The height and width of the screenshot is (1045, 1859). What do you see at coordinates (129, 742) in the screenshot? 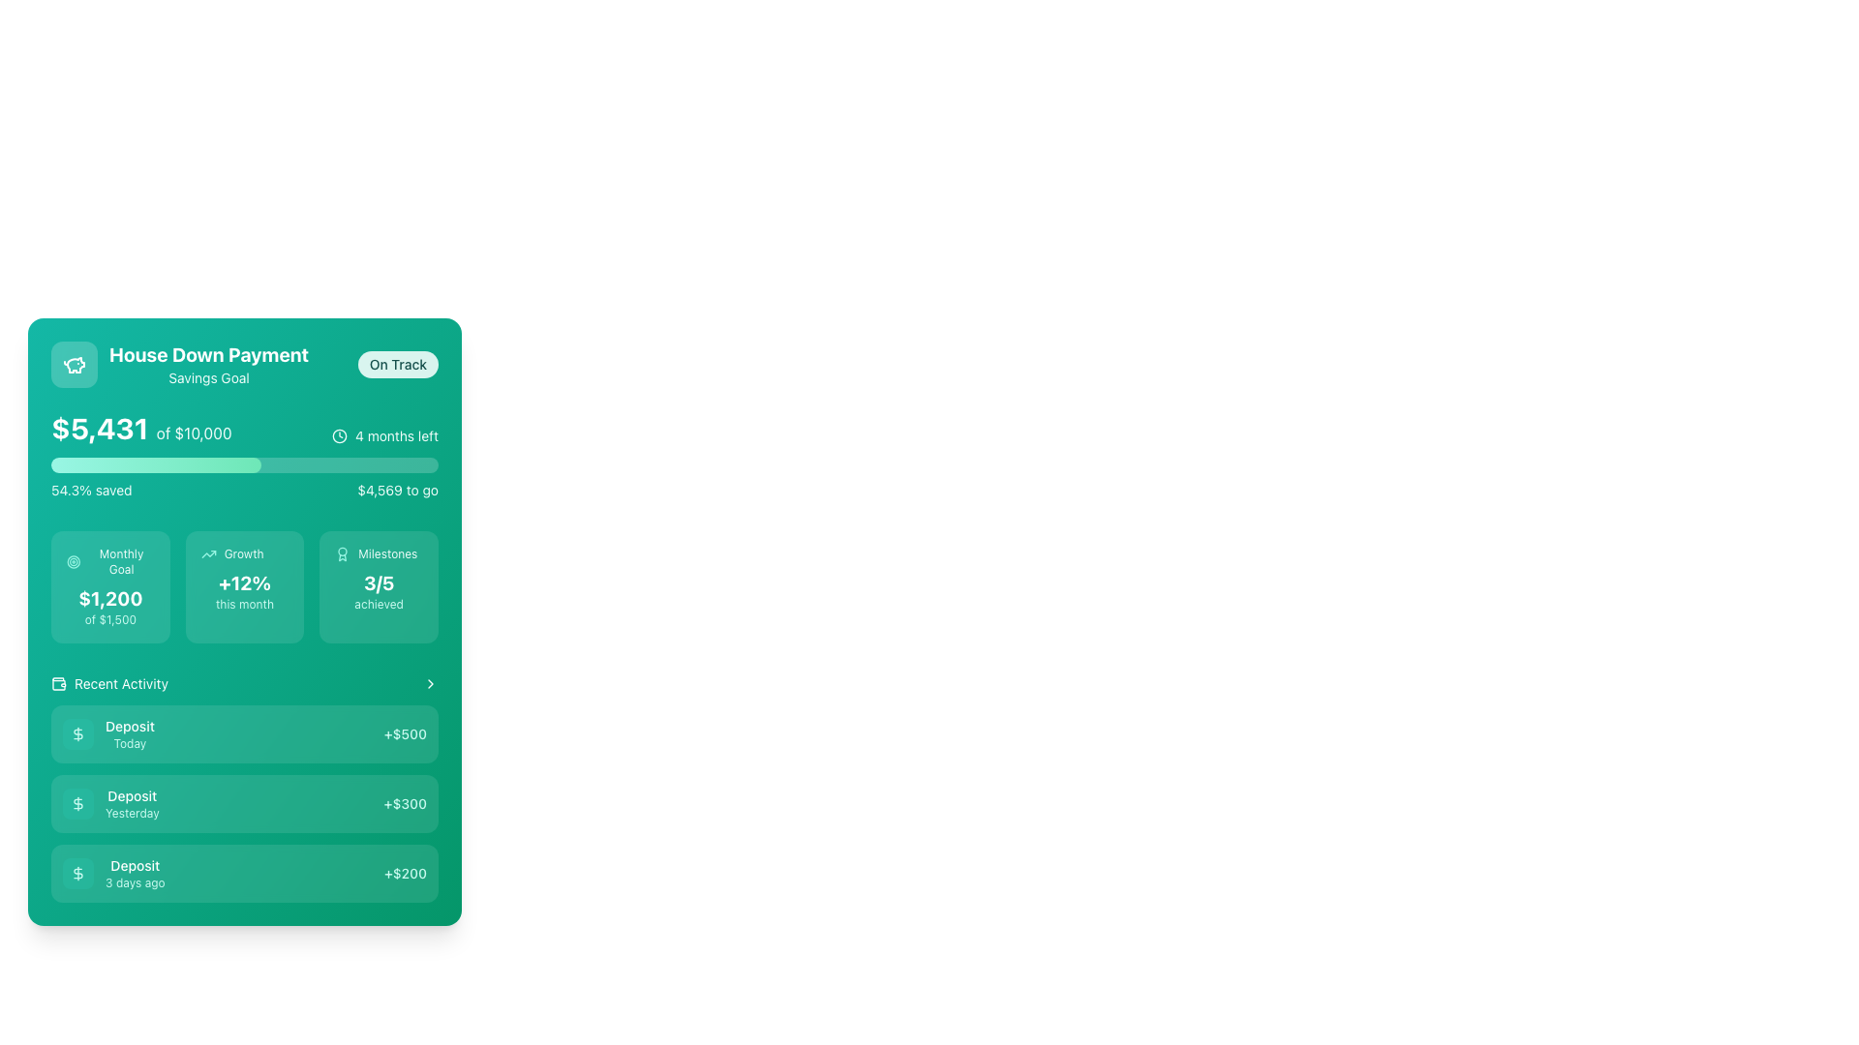
I see `text content of the 'Today' label associated with the 'Deposit' transaction in the 'Recent Activity' section` at bounding box center [129, 742].